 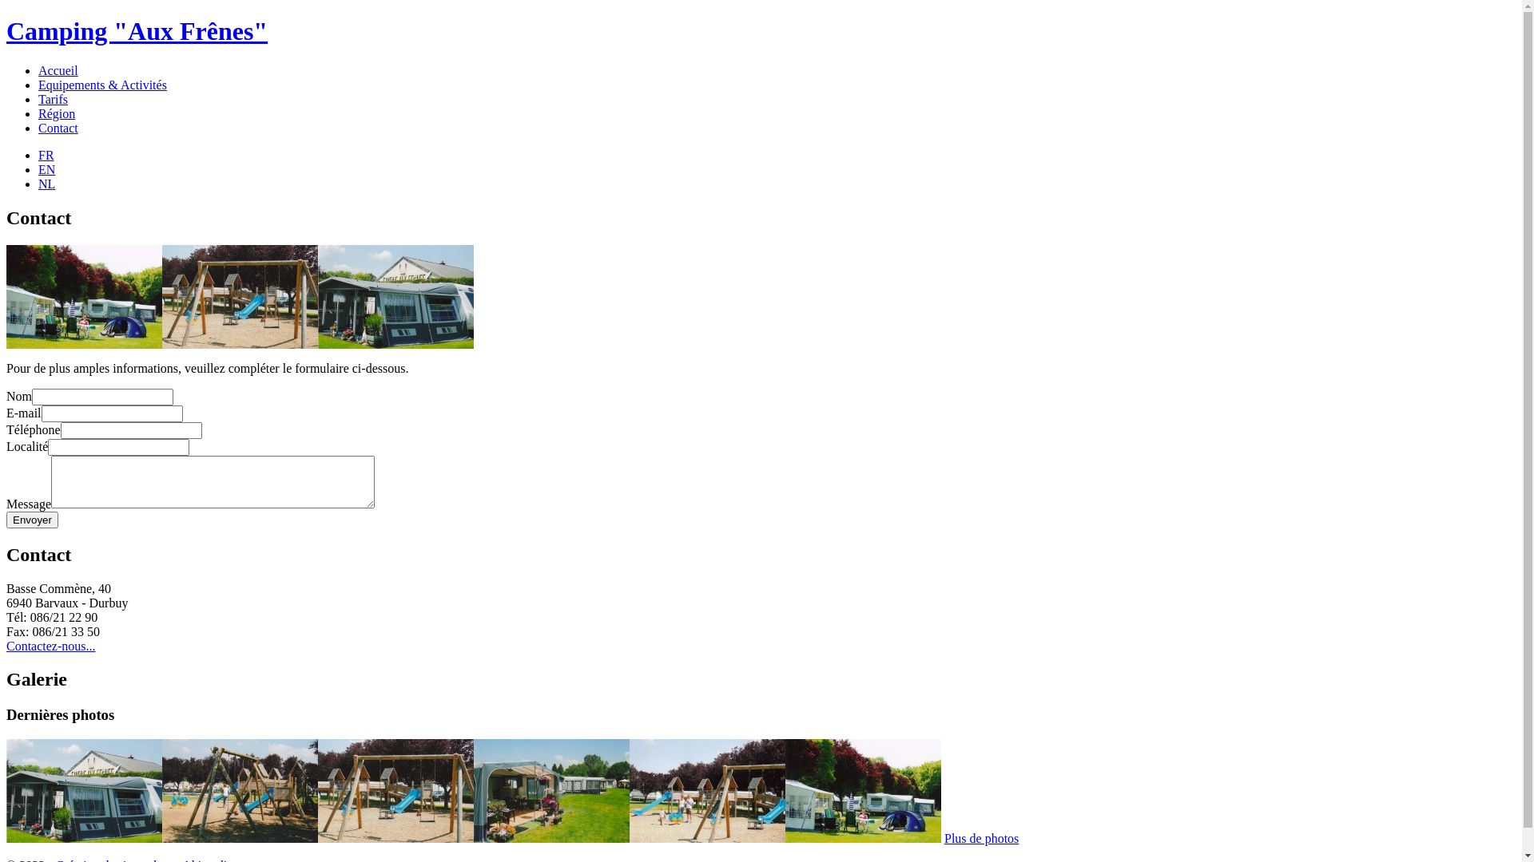 I want to click on 'EN', so click(x=46, y=169).